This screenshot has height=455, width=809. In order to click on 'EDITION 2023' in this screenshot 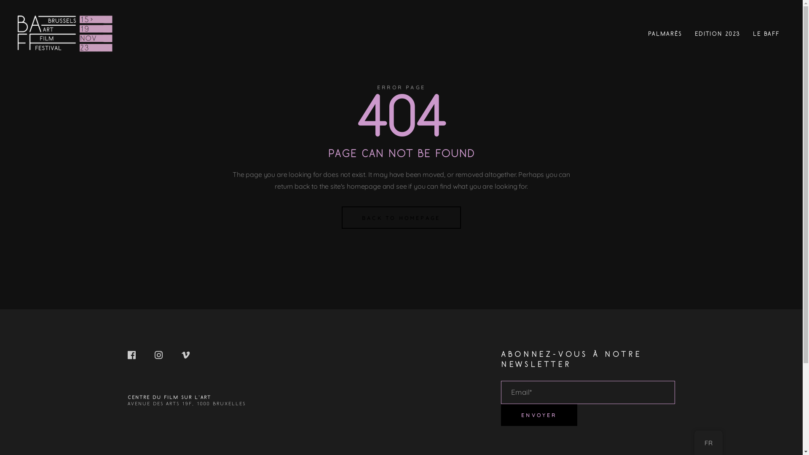, I will do `click(717, 33)`.